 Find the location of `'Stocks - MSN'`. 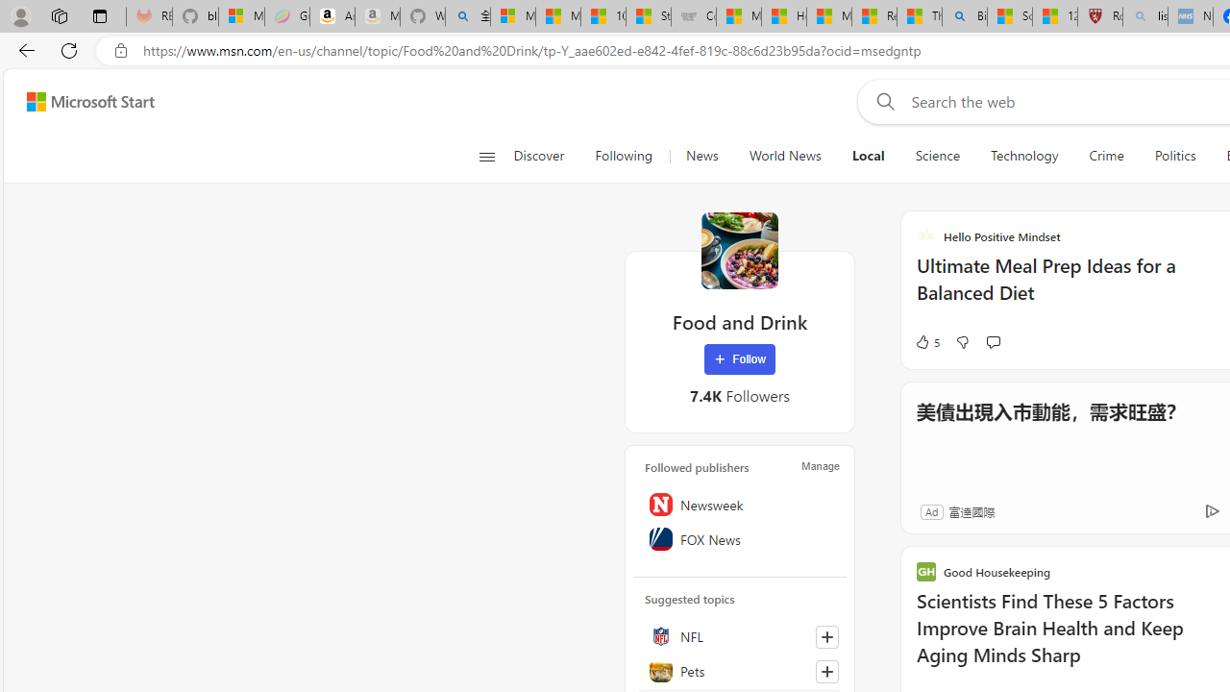

'Stocks - MSN' is located at coordinates (648, 16).